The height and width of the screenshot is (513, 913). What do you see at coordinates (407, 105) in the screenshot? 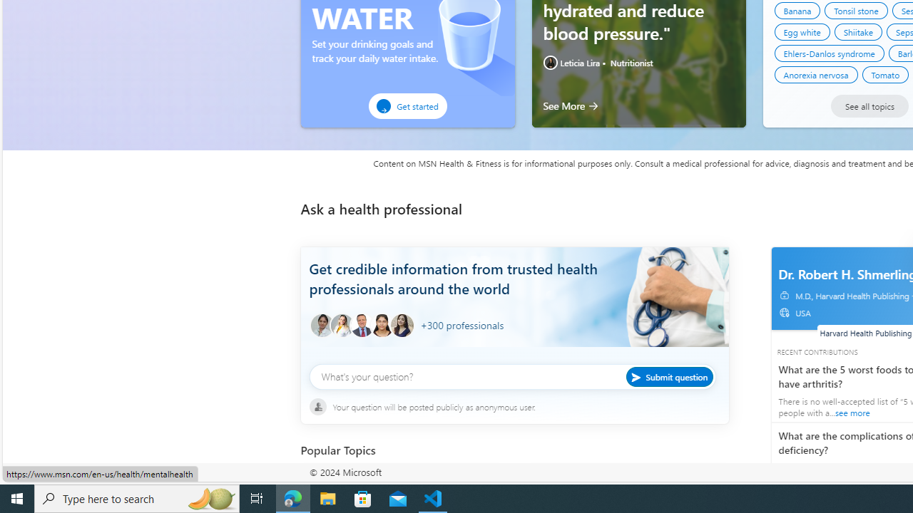
I see `'Get started'` at bounding box center [407, 105].